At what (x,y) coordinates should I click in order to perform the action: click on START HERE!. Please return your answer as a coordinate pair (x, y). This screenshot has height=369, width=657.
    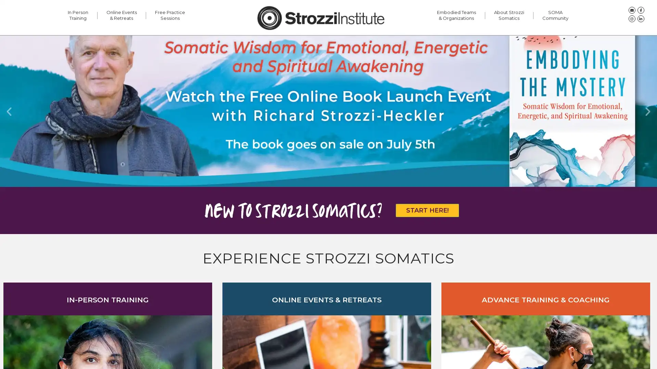
    Looking at the image, I should click on (427, 209).